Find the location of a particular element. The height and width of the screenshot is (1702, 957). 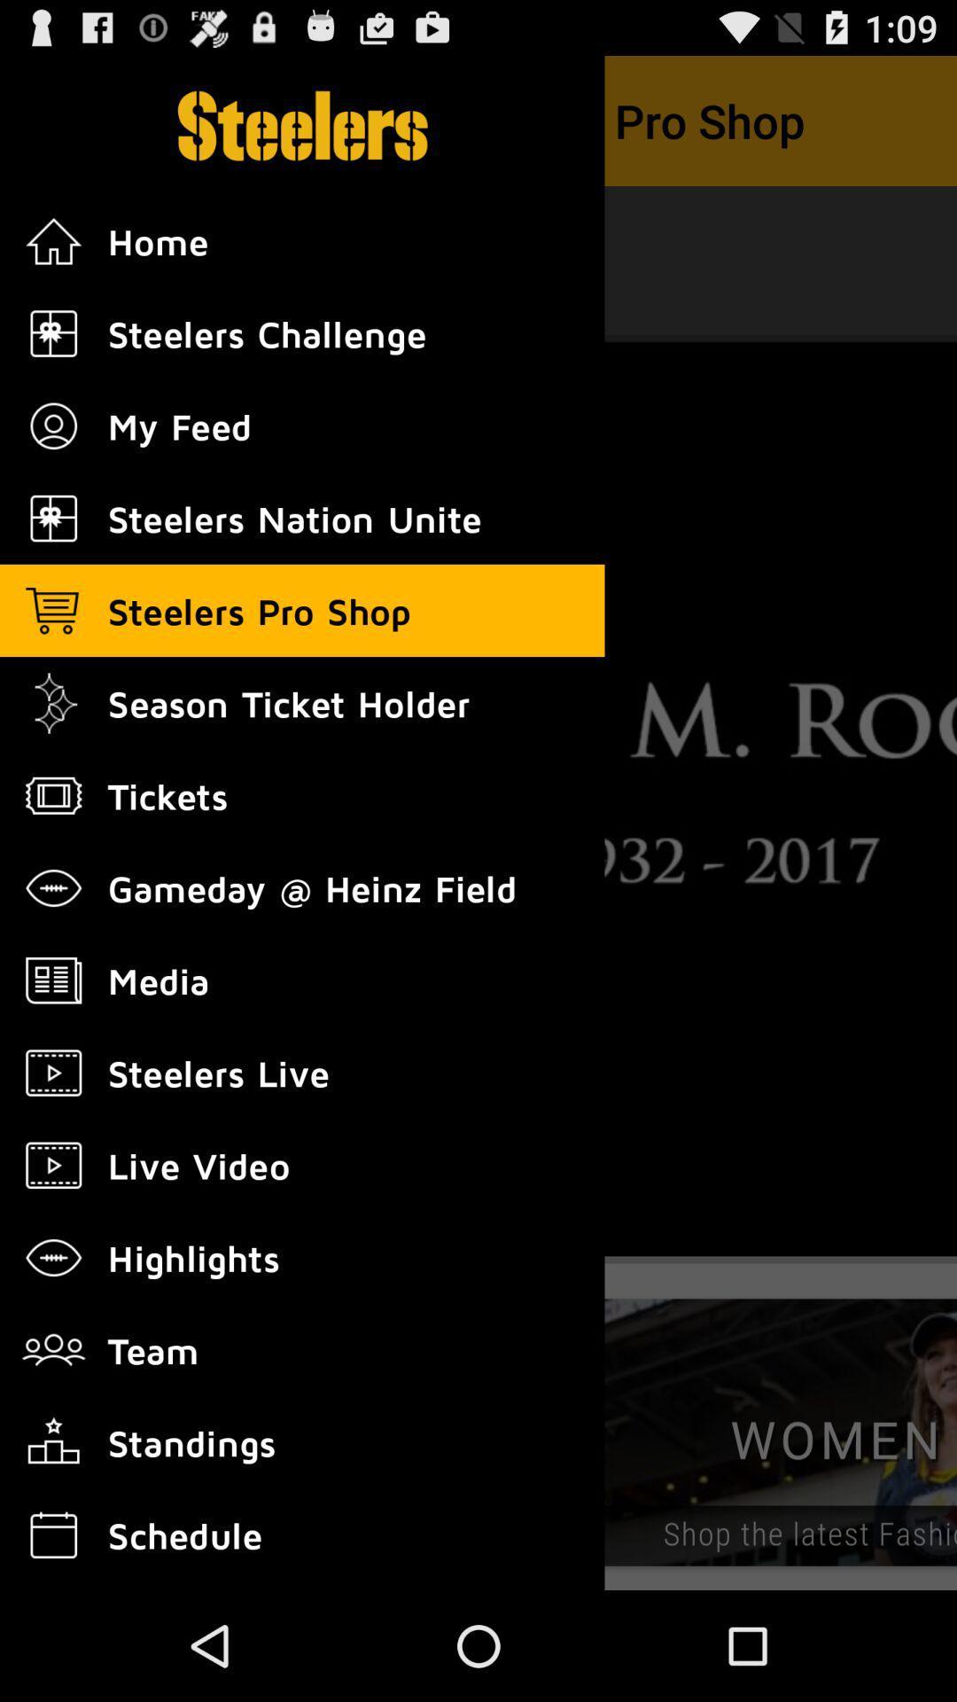

the icon of season ticket holder is located at coordinates (53, 702).